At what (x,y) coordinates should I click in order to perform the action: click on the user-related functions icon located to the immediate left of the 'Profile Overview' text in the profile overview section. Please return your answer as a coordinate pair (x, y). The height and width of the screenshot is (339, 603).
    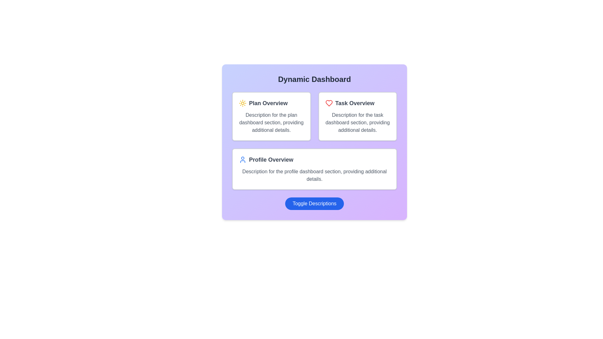
    Looking at the image, I should click on (242, 159).